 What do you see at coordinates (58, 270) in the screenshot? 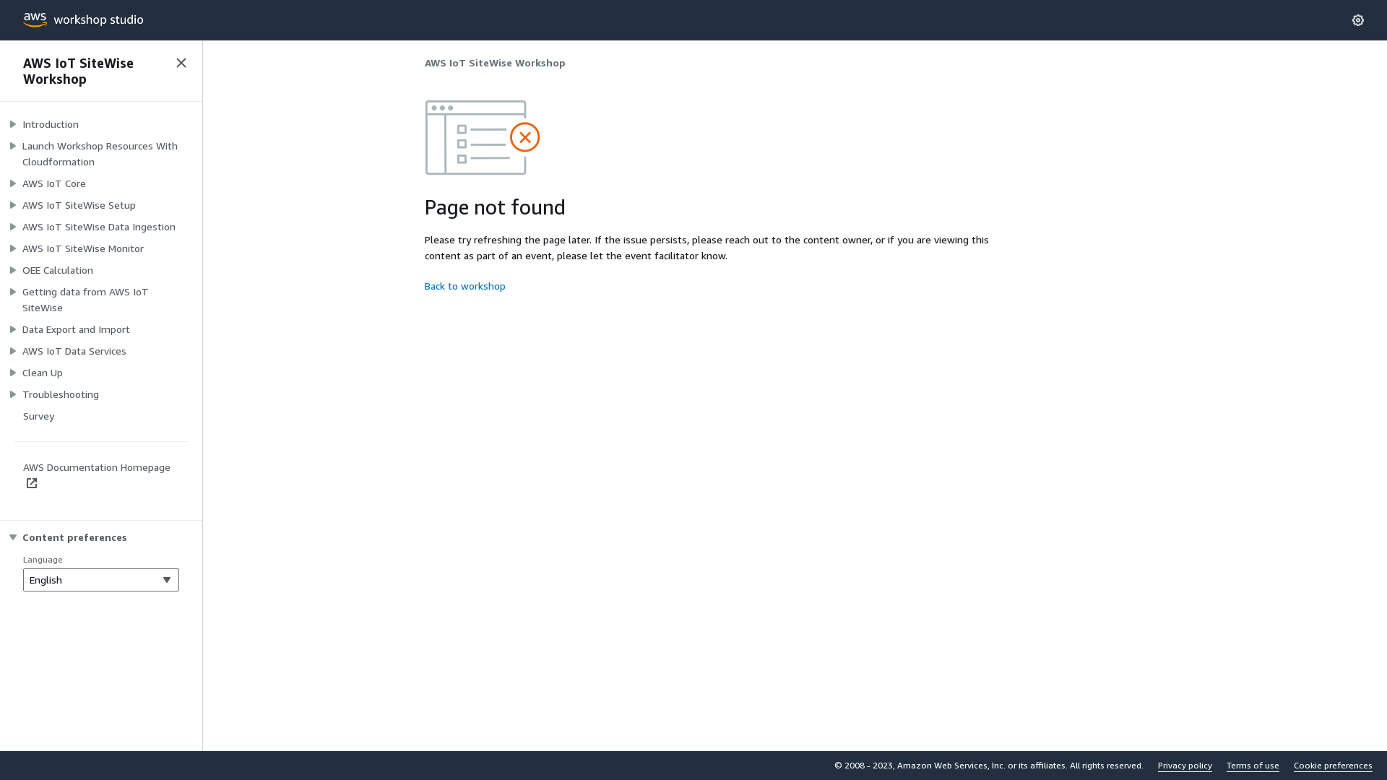
I see `'OEE Calculation'` at bounding box center [58, 270].